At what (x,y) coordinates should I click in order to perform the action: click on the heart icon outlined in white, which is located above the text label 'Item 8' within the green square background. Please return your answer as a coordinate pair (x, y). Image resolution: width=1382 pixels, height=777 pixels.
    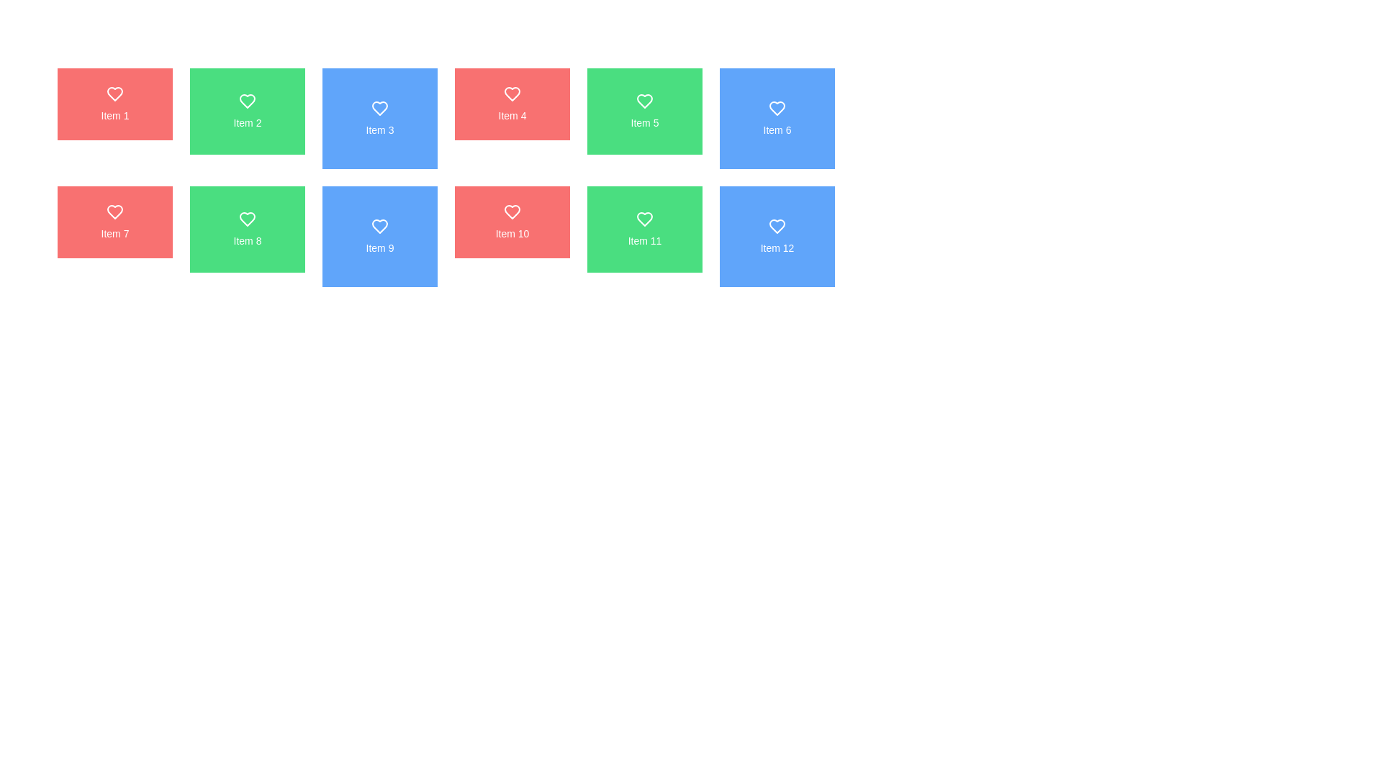
    Looking at the image, I should click on (248, 219).